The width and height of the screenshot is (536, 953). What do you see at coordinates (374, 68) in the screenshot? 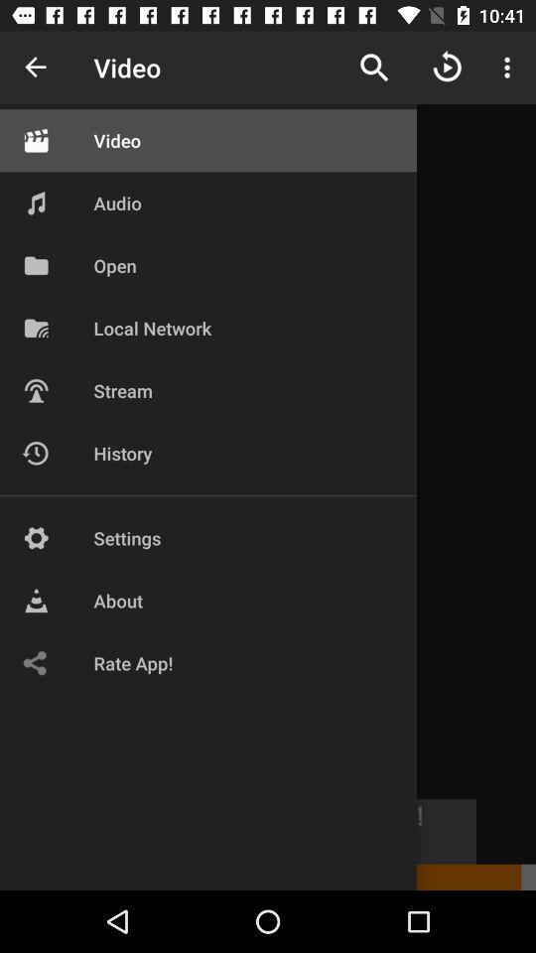
I see `search` at bounding box center [374, 68].